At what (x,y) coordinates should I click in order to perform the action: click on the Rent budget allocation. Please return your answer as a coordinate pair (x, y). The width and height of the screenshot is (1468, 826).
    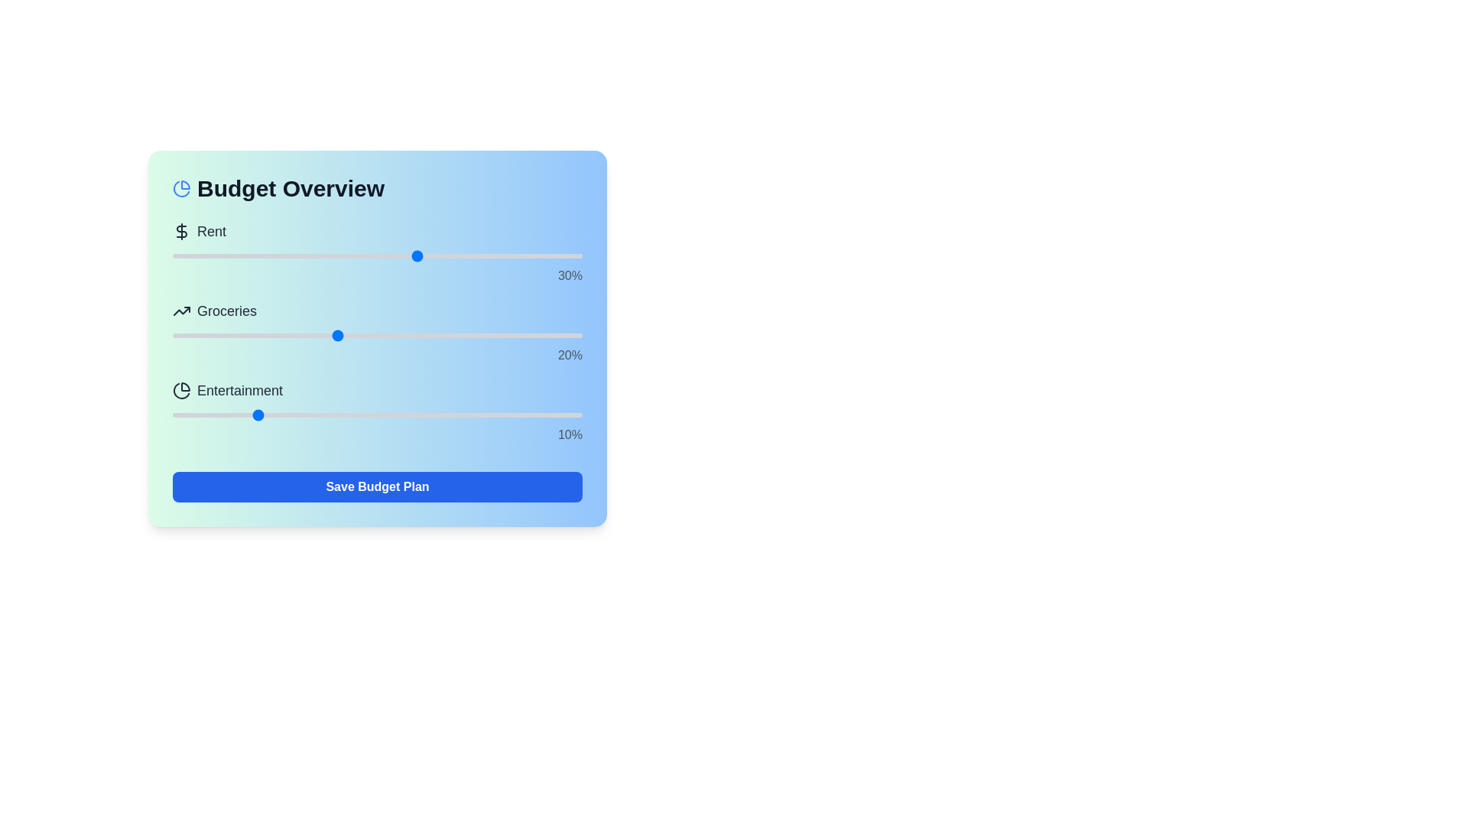
    Looking at the image, I should click on (525, 255).